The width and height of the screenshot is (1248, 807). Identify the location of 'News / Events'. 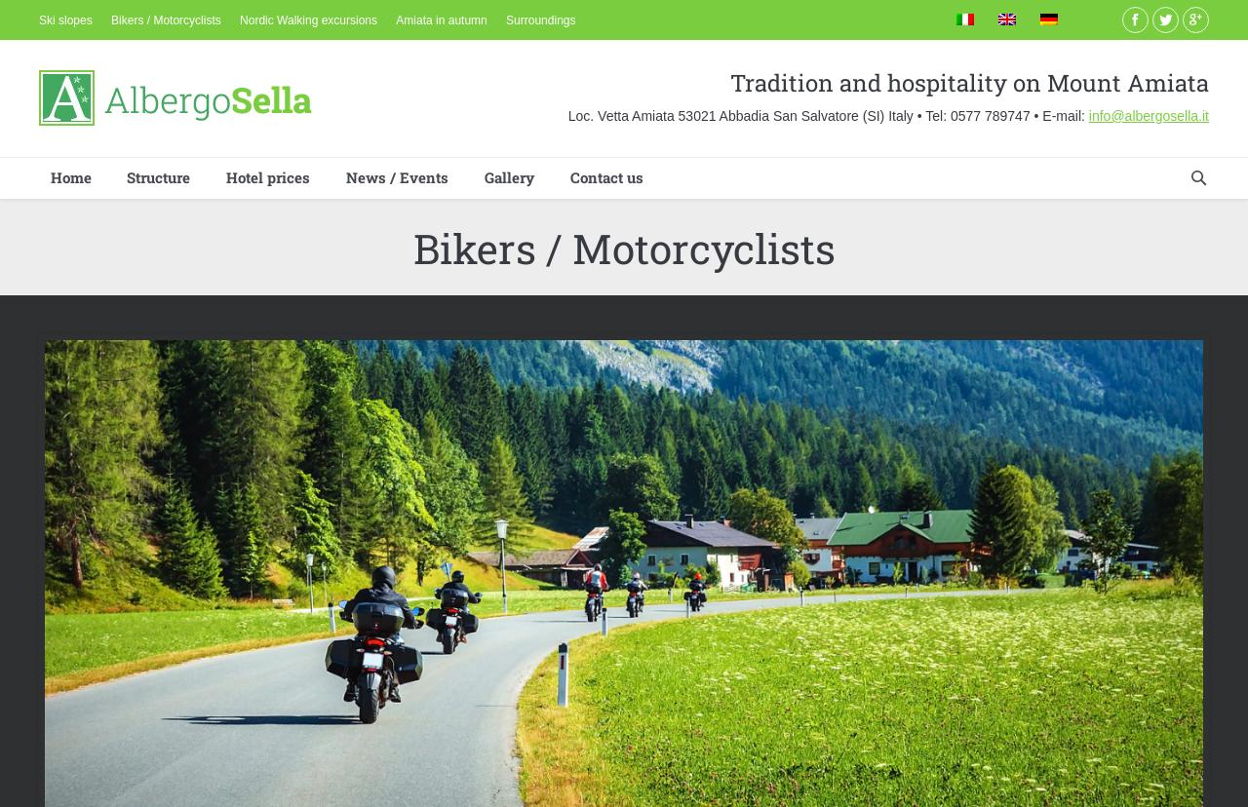
(396, 175).